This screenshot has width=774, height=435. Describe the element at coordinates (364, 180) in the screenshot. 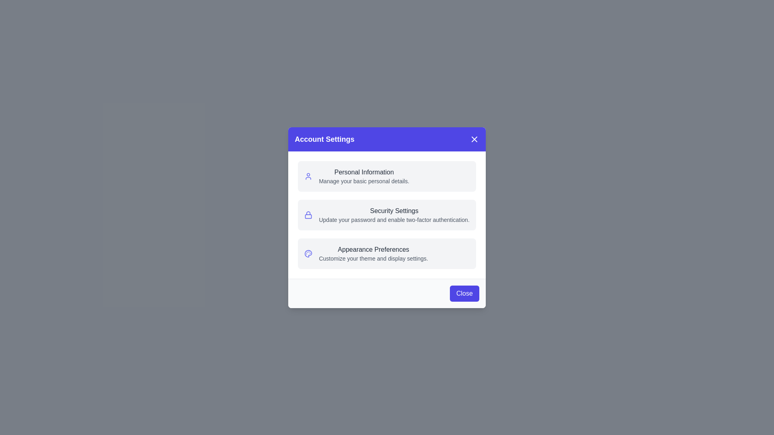

I see `the descriptive text element styled in a small-sized font and gray color that contains 'Manage your basic personal details.' located beneath the title 'Personal Information.'` at that location.